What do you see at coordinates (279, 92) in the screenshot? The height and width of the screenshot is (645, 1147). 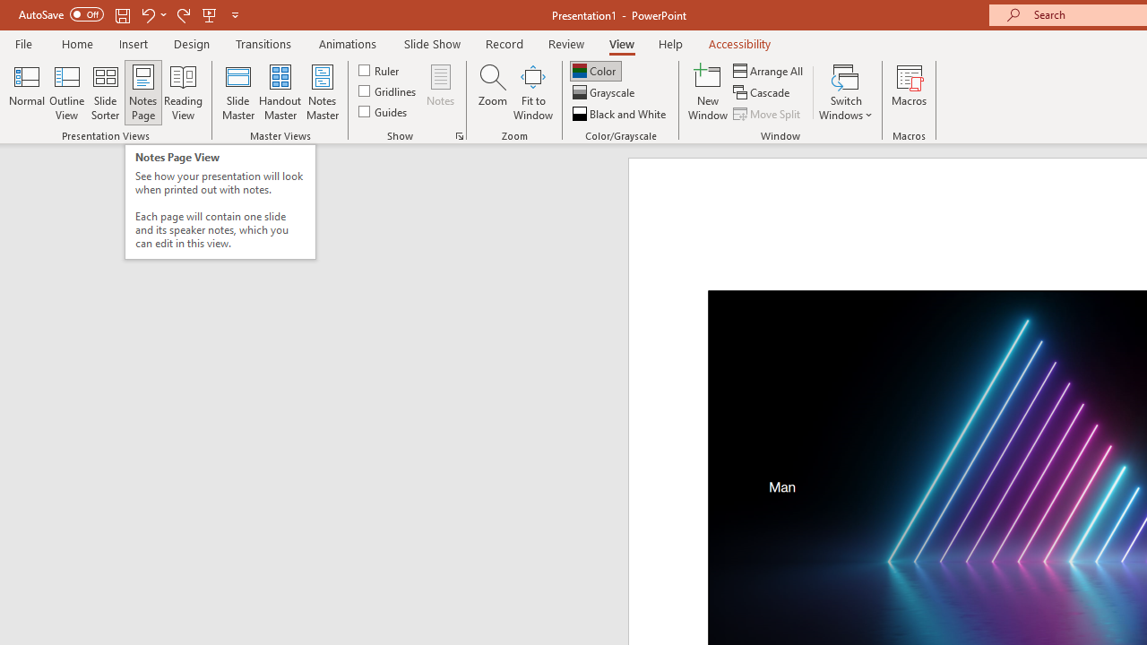 I see `'Handout Master'` at bounding box center [279, 92].